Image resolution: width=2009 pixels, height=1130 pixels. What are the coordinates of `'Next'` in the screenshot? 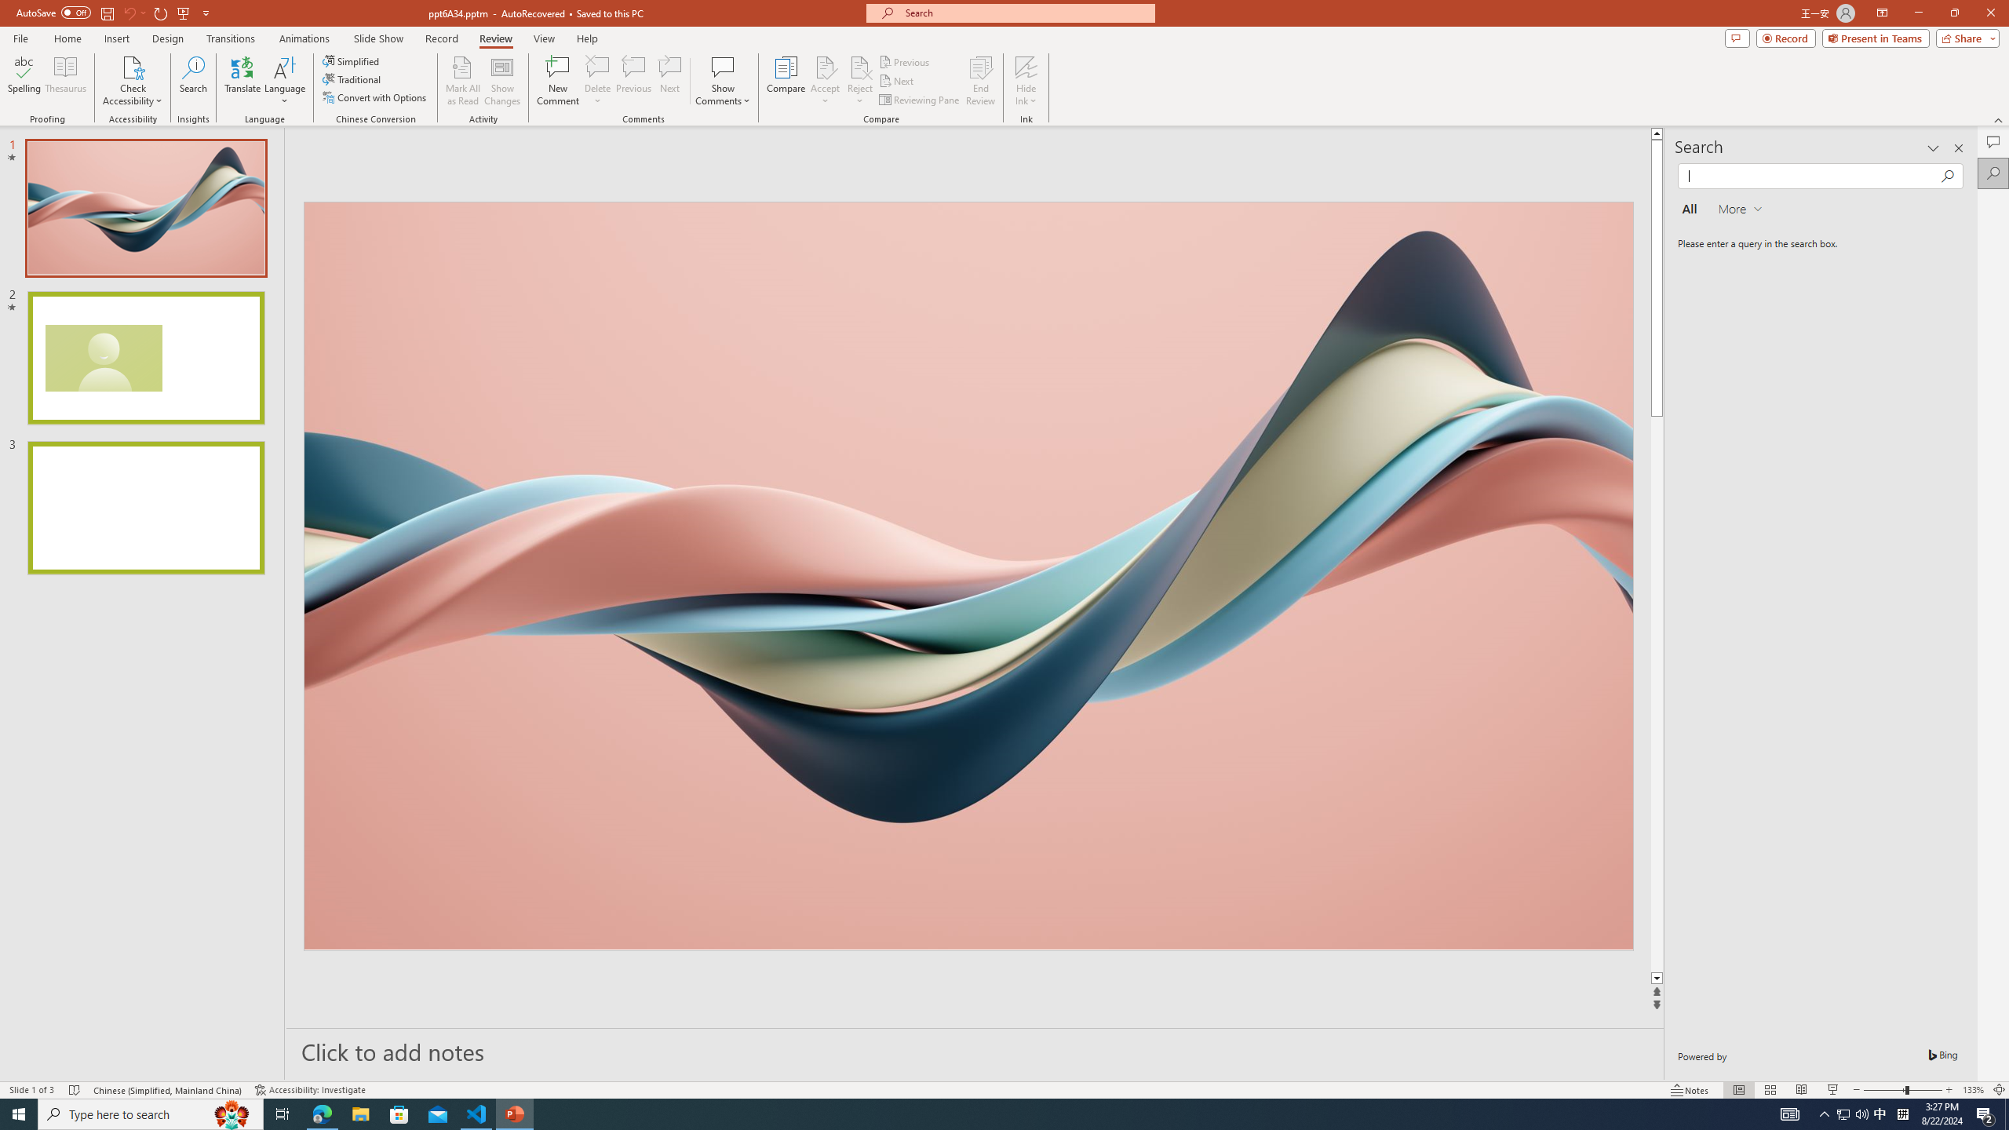 It's located at (896, 81).